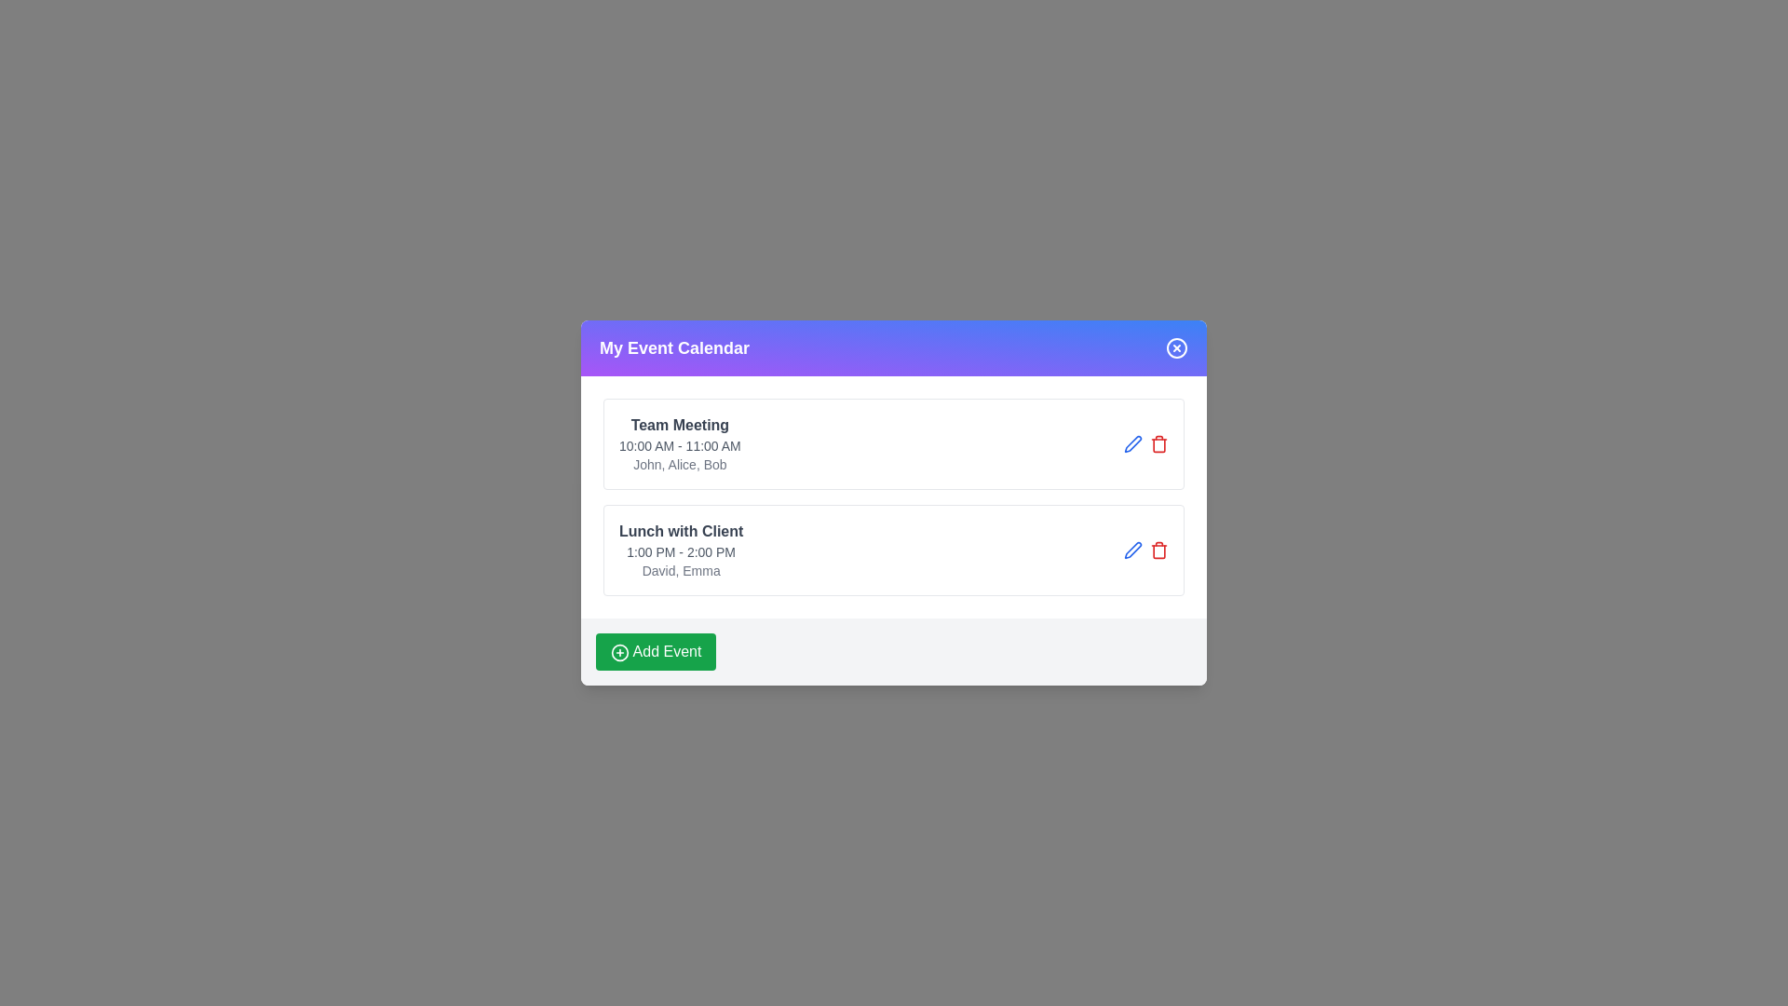 The height and width of the screenshot is (1006, 1788). I want to click on text label indicating the scheduled time for the 'Team Meeting', which is positioned below the title and above the participant names, so click(679, 445).